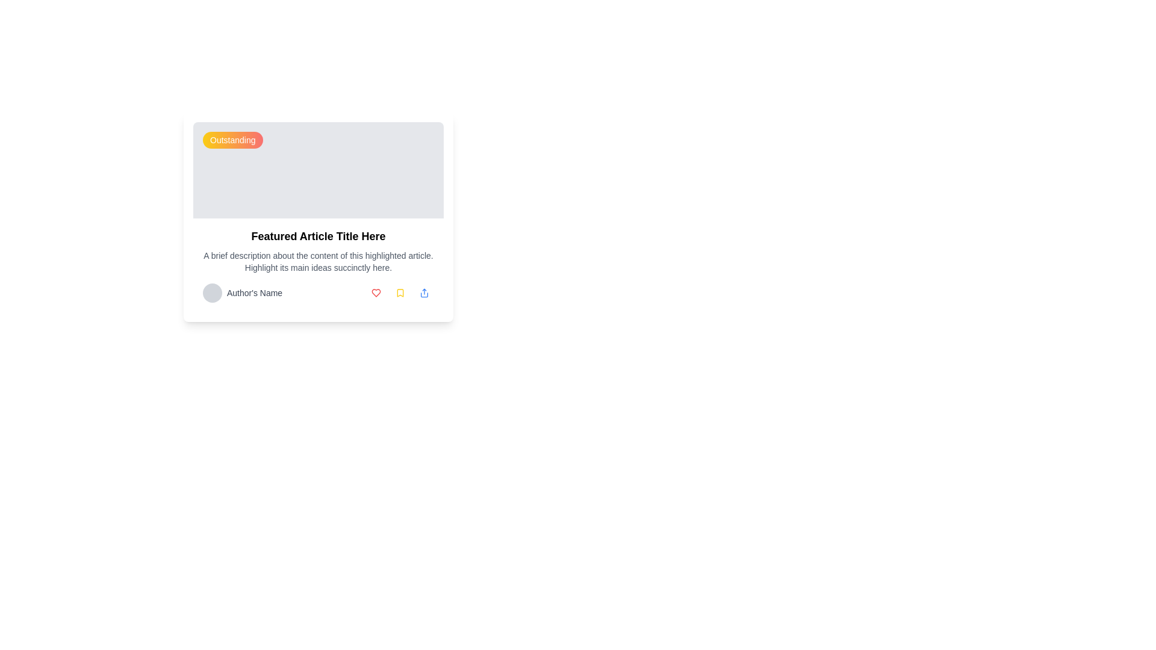 This screenshot has width=1156, height=650. I want to click on the hollow heart icon outlined in red located at the bottom section of the card layout, so click(375, 292).